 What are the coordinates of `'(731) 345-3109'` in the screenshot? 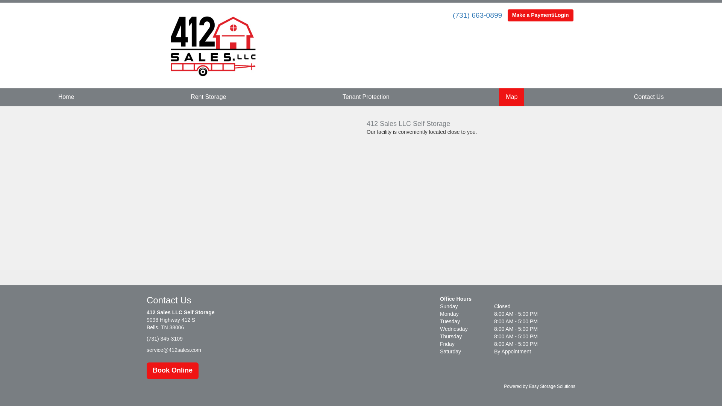 It's located at (146, 339).